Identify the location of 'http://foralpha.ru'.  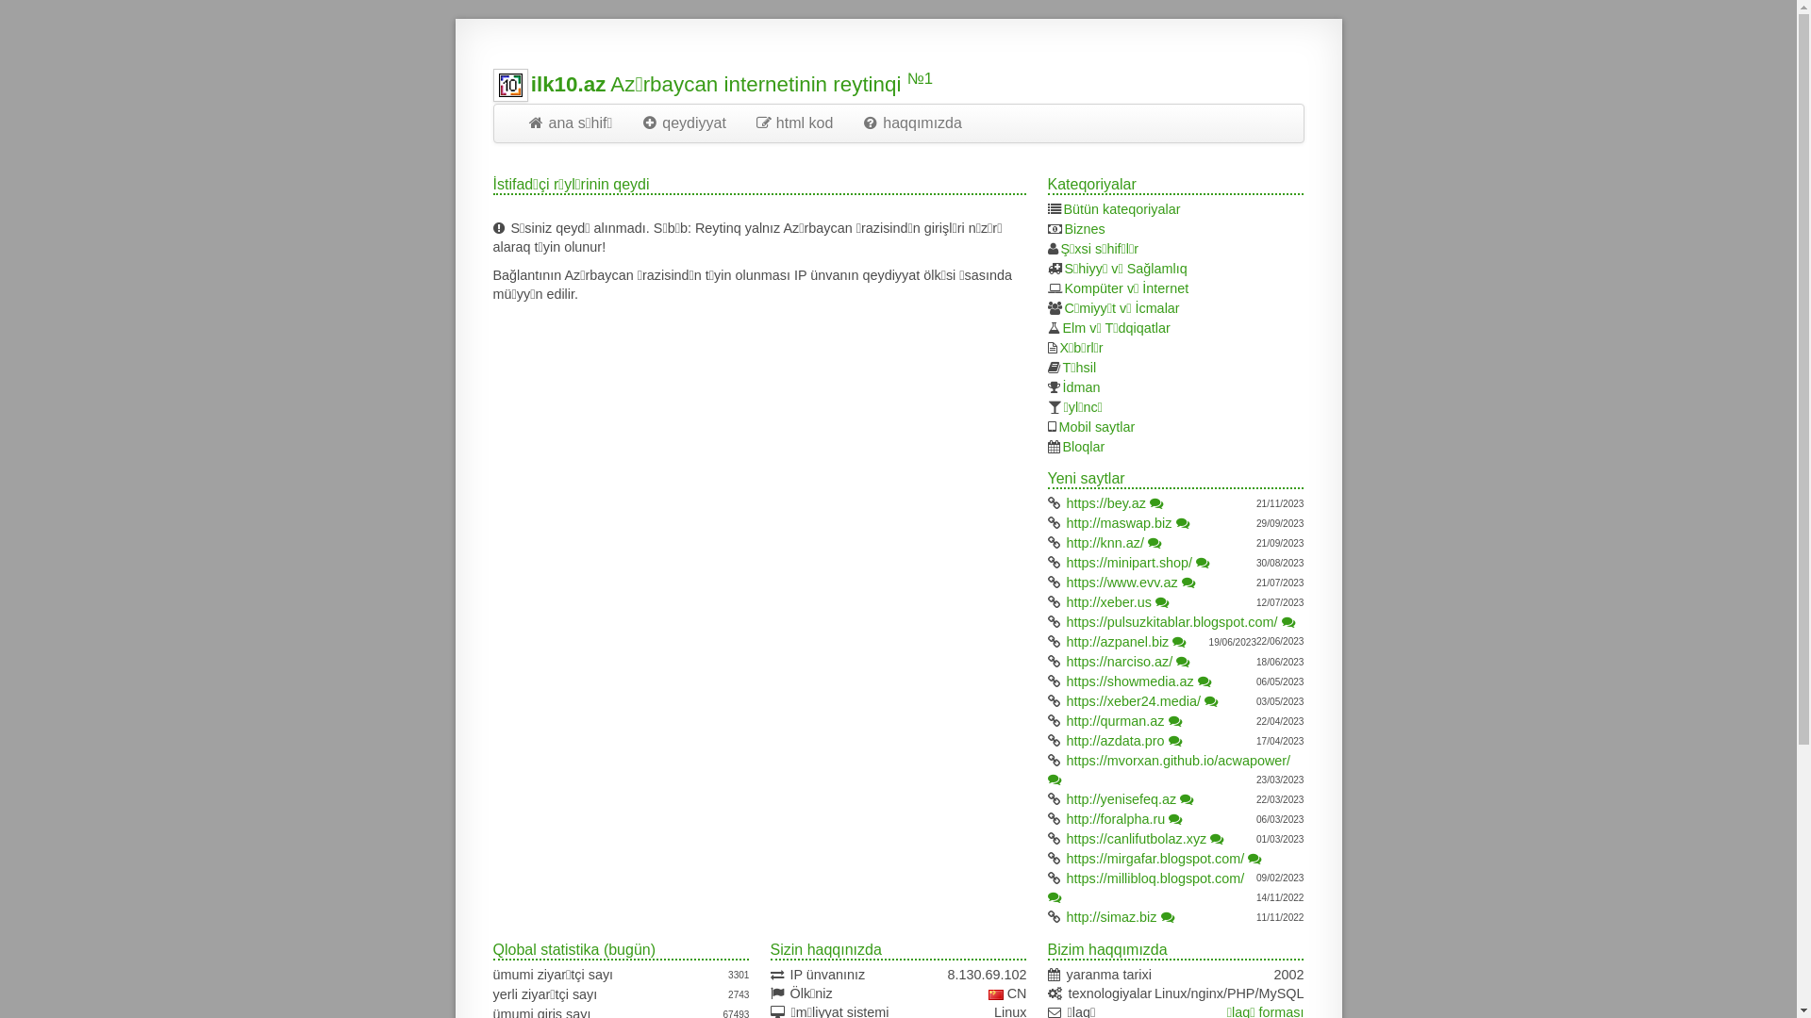
(1116, 817).